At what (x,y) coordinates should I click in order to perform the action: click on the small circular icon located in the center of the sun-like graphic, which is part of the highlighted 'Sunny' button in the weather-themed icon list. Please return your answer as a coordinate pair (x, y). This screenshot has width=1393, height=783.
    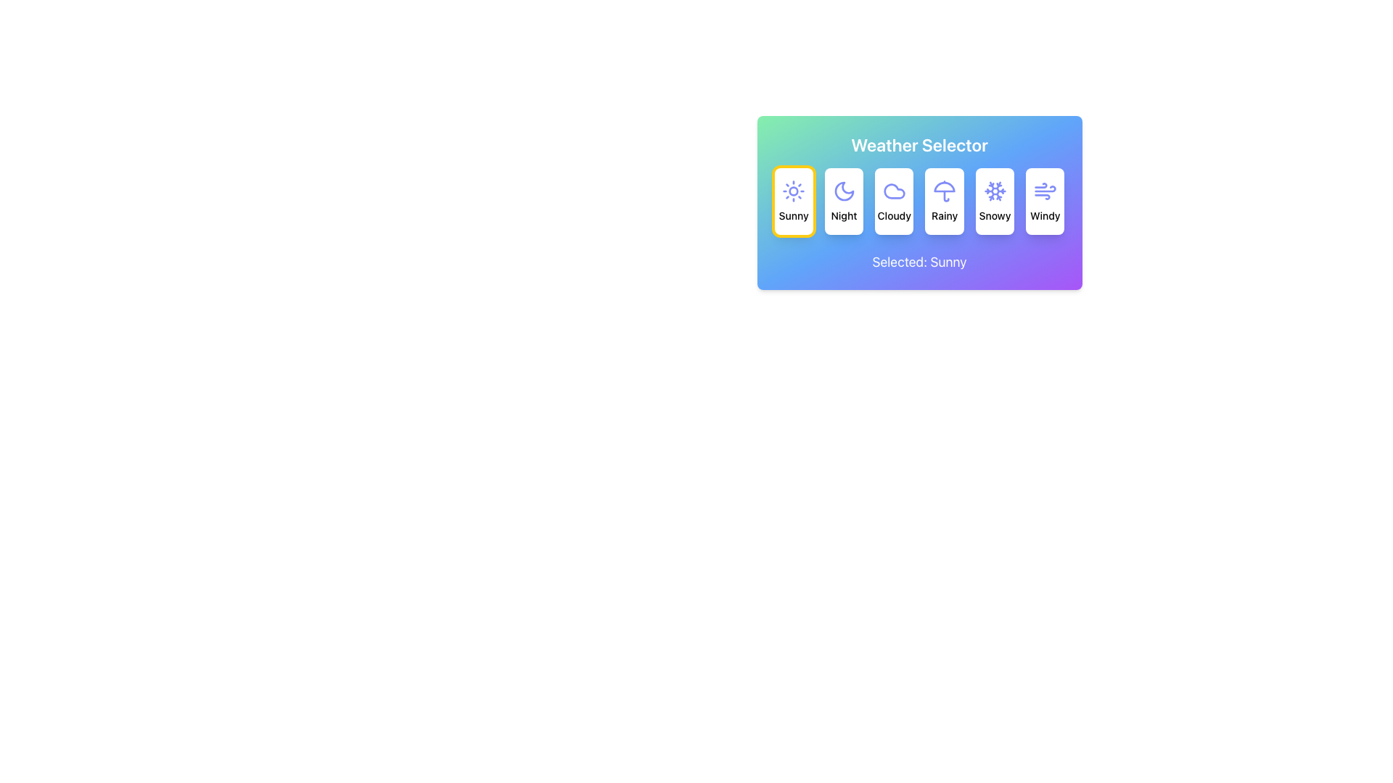
    Looking at the image, I should click on (793, 190).